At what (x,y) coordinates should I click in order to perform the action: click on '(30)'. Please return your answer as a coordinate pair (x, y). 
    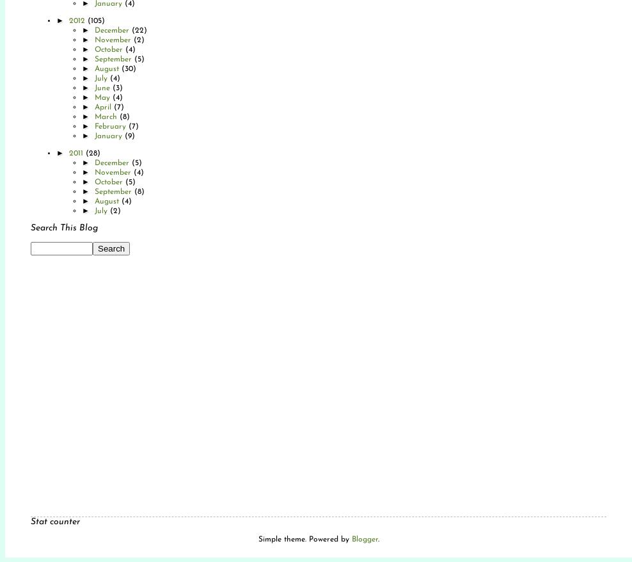
    Looking at the image, I should click on (121, 68).